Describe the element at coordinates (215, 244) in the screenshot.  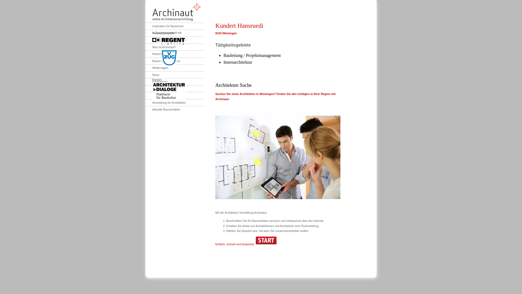
I see `'Einfach, schnell und kostenlos!'` at that location.